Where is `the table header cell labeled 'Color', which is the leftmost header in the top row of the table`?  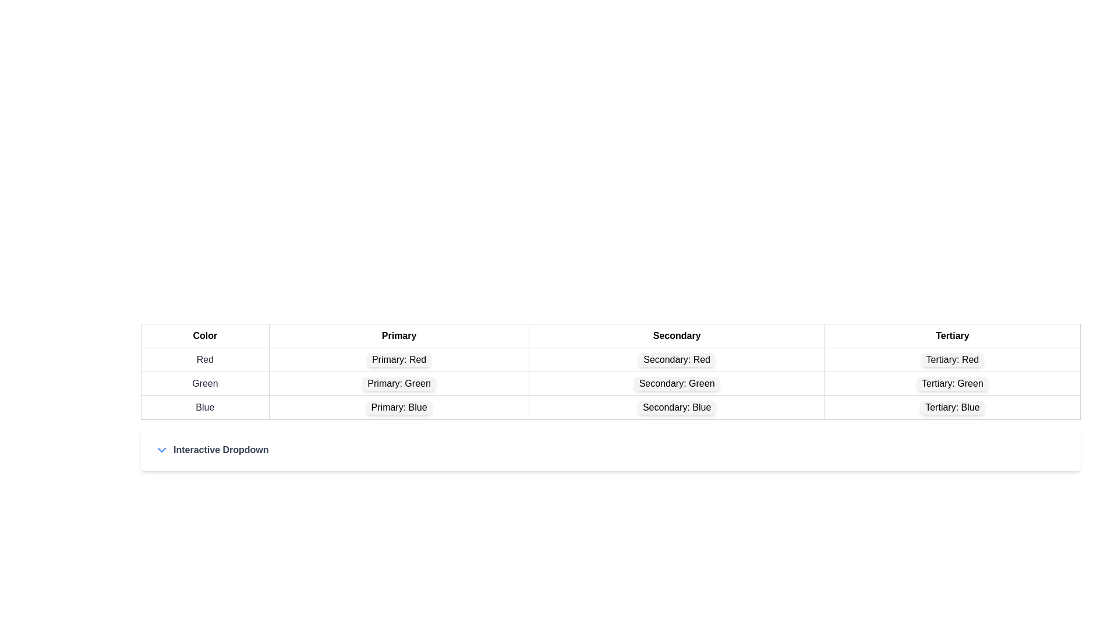
the table header cell labeled 'Color', which is the leftmost header in the top row of the table is located at coordinates (205, 336).